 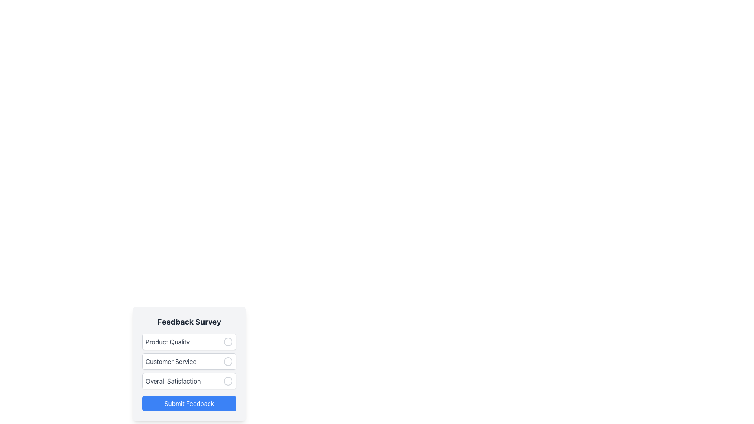 I want to click on the text label indicating the purpose of the third selectable option in the feedback survey, which follows the labels 'Product Quality' and 'Customer Service', so click(x=173, y=381).